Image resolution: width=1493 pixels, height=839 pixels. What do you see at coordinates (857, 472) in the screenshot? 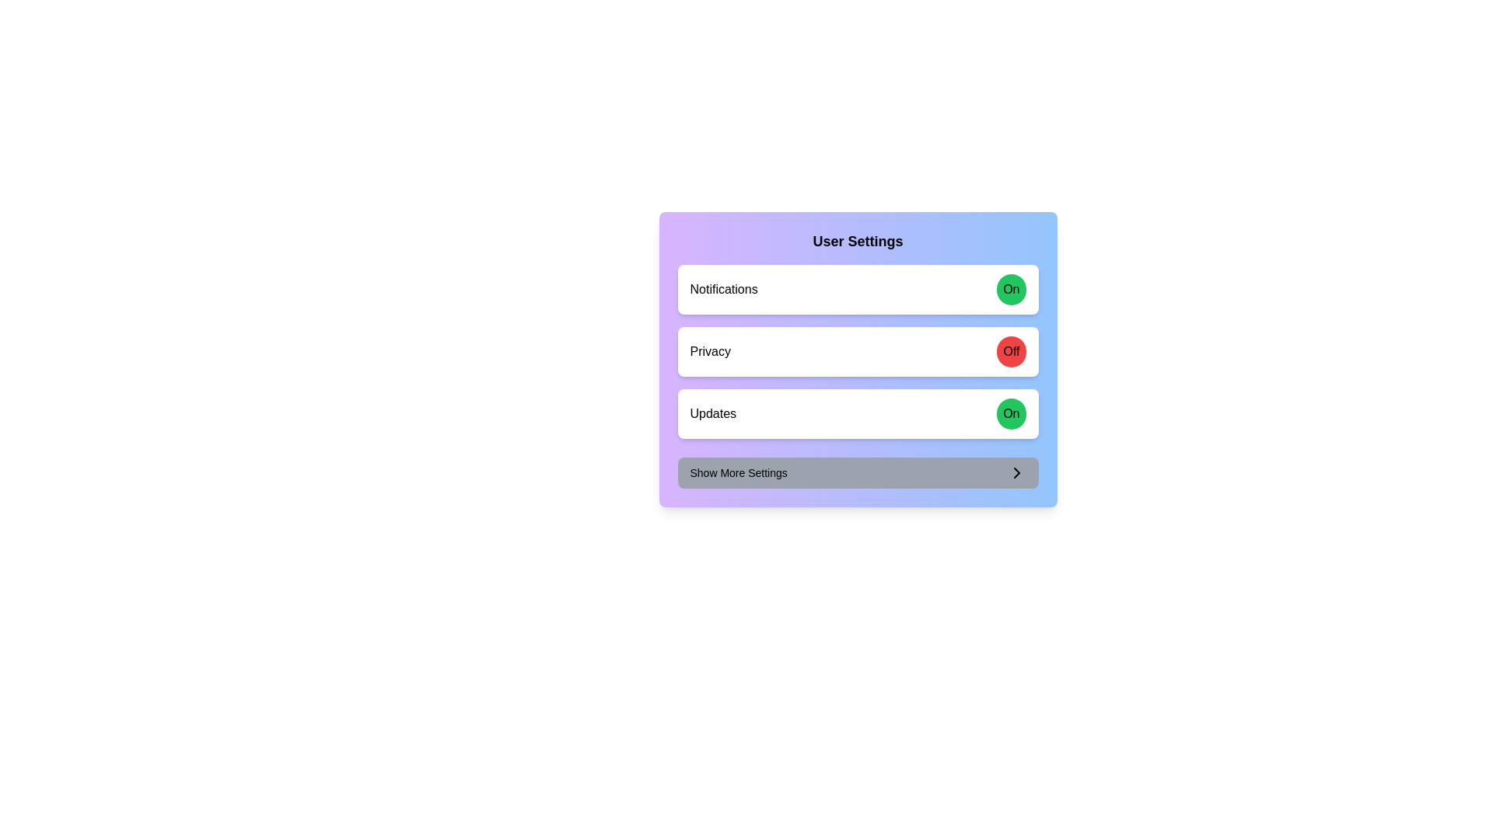
I see `the 'Show More Settings' button to expand or collapse the additional settings section` at bounding box center [857, 472].